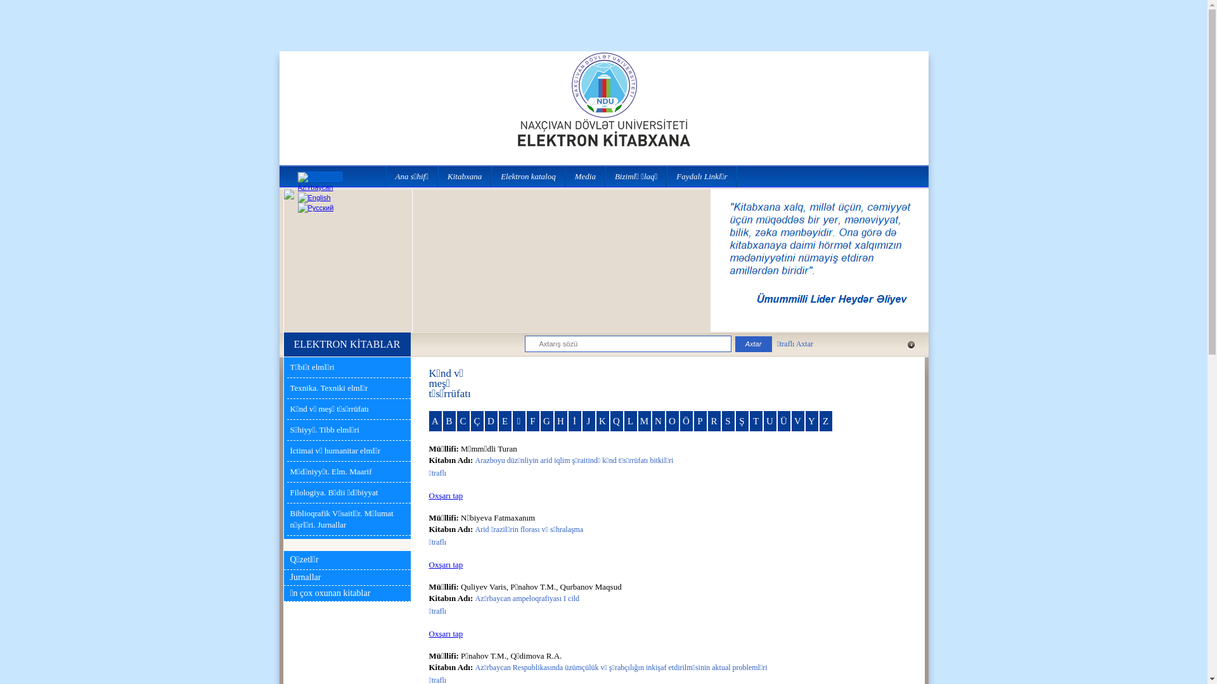  Describe the element at coordinates (811, 421) in the screenshot. I see `'Y'` at that location.